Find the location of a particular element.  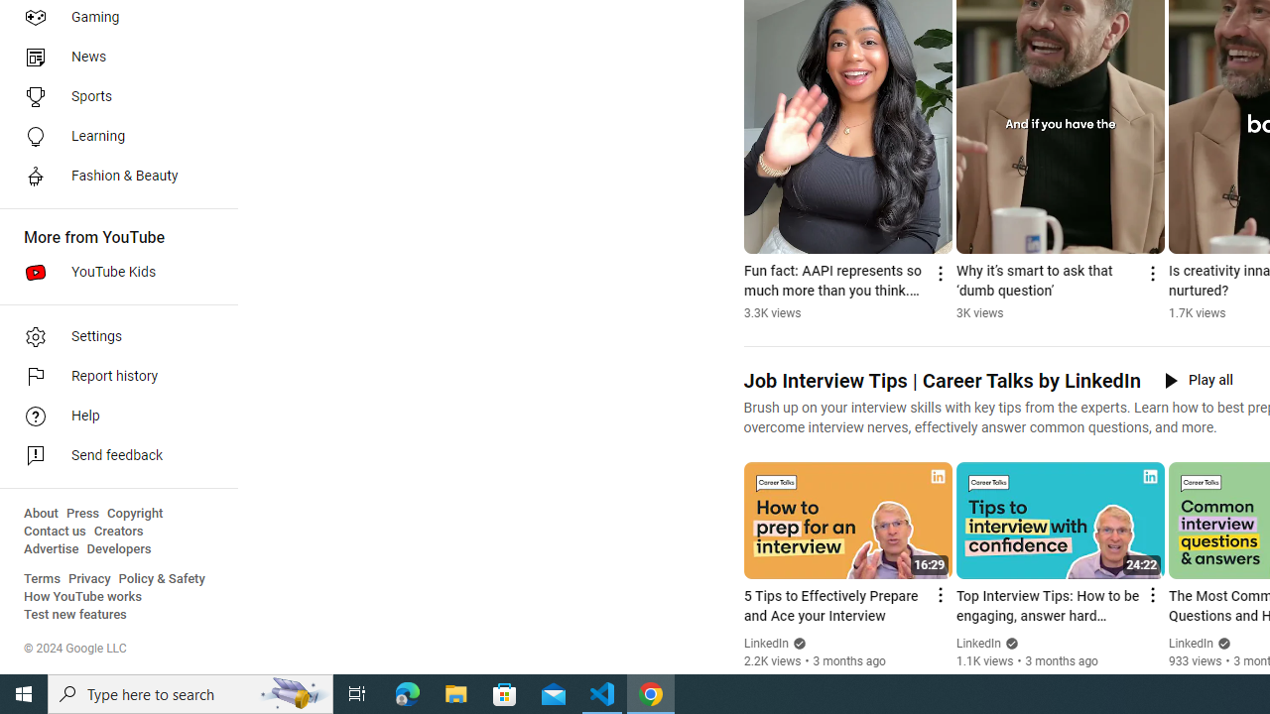

'News' is located at coordinates (111, 56).